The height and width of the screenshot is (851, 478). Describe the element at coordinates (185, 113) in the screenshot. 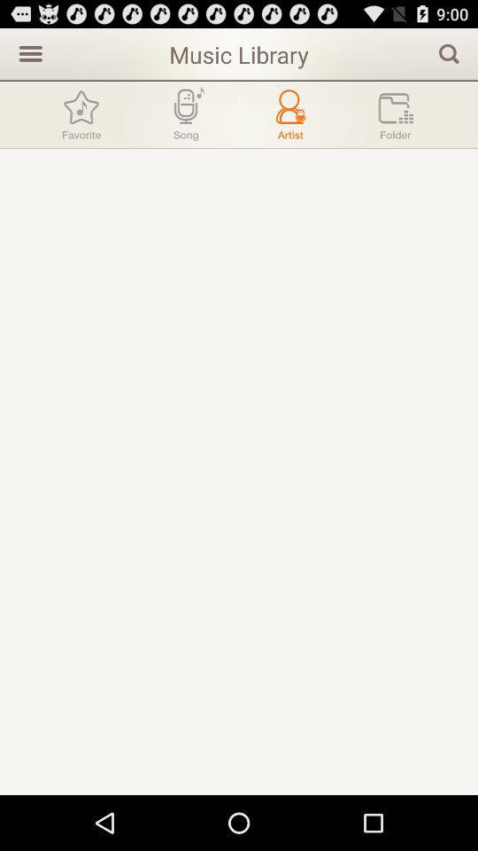

I see `the song` at that location.